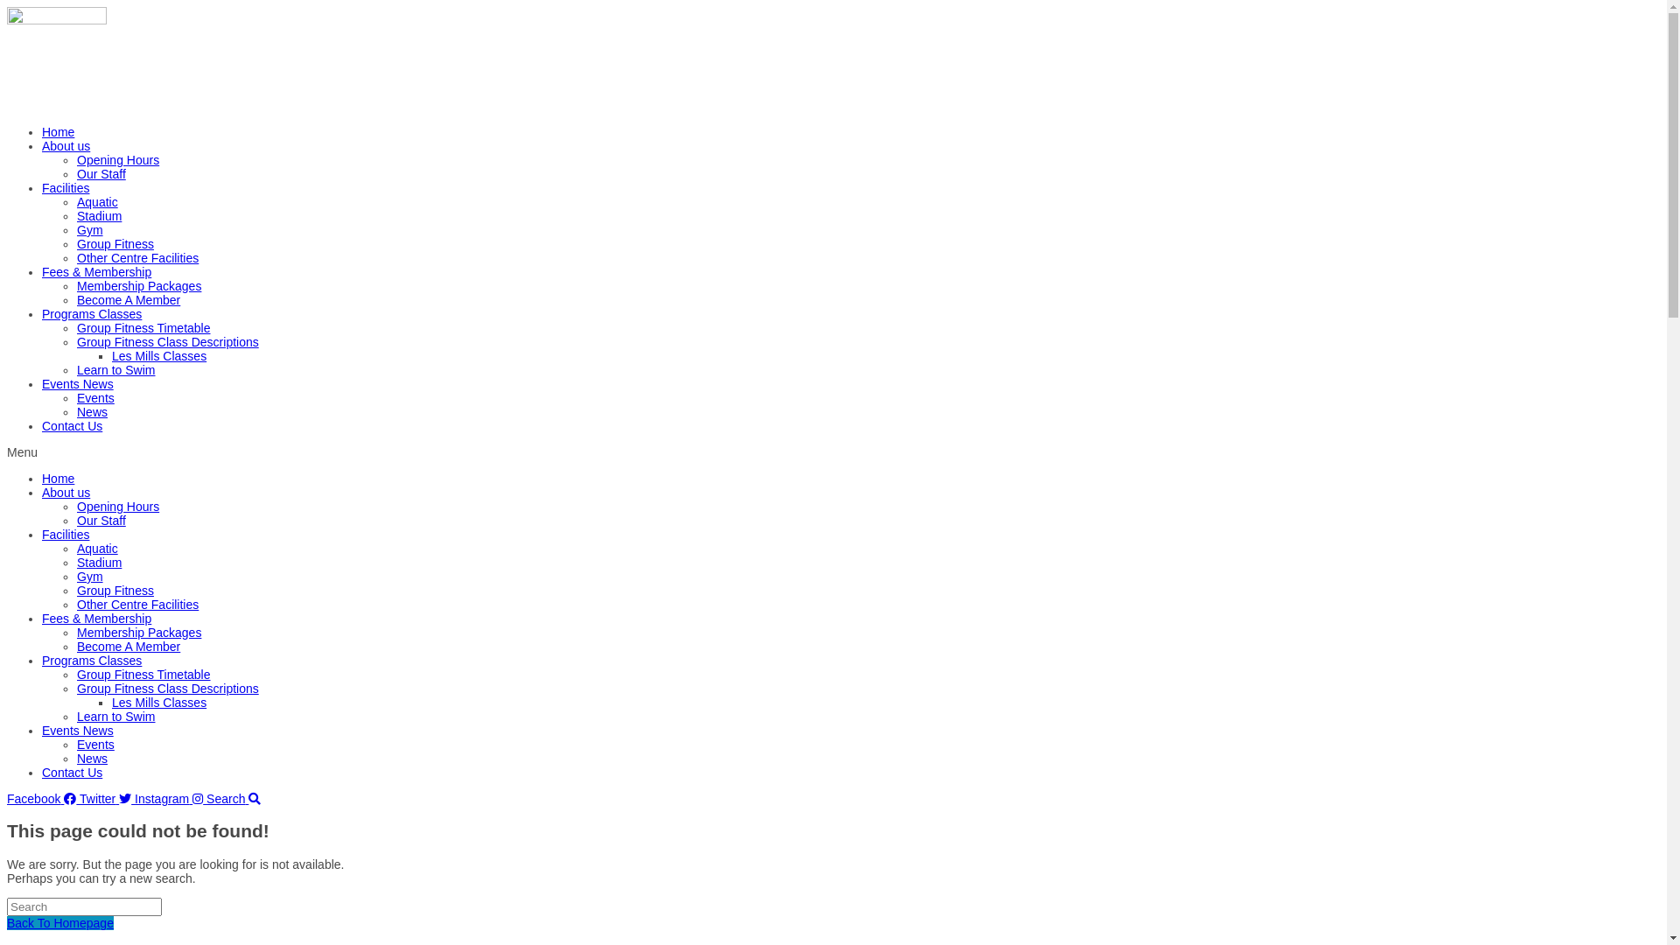 This screenshot has height=945, width=1680. Describe the element at coordinates (59, 922) in the screenshot. I see `'Back To Homepage'` at that location.